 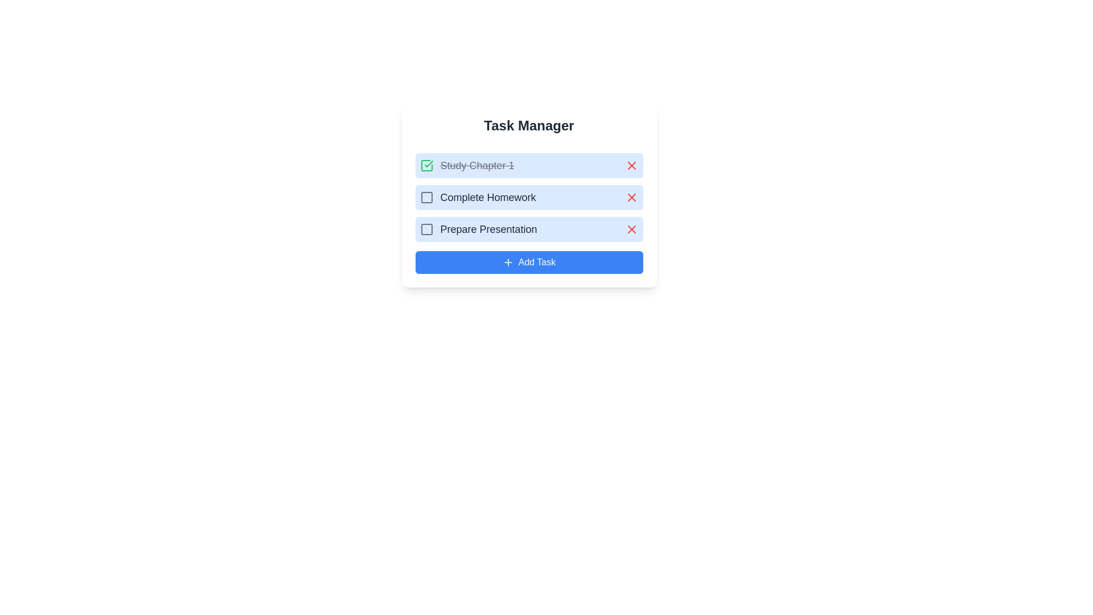 I want to click on the static text label in the Task Manager interface, located in the third row of the task list, which is positioned below 'Complete Homework' and above the '+ Add Task' button, so click(x=488, y=229).